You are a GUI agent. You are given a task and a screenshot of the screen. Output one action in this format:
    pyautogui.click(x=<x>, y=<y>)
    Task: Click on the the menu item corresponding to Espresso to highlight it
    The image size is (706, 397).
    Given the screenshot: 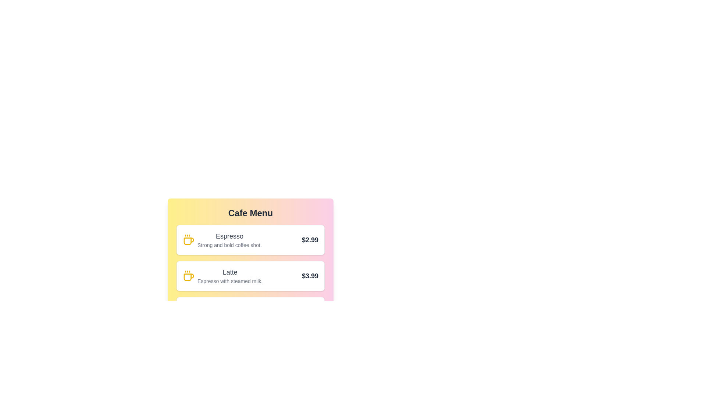 What is the action you would take?
    pyautogui.click(x=250, y=240)
    